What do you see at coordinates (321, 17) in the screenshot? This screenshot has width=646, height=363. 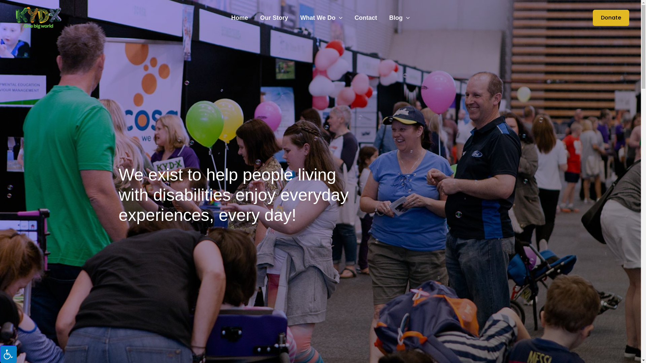 I see `'What We Do'` at bounding box center [321, 17].